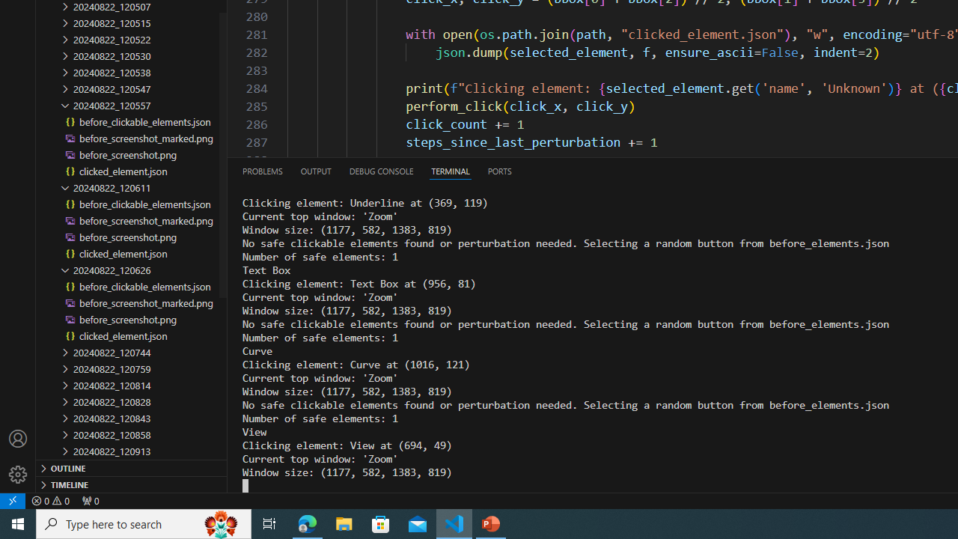  Describe the element at coordinates (450, 170) in the screenshot. I see `'Terminal (Ctrl+`)'` at that location.